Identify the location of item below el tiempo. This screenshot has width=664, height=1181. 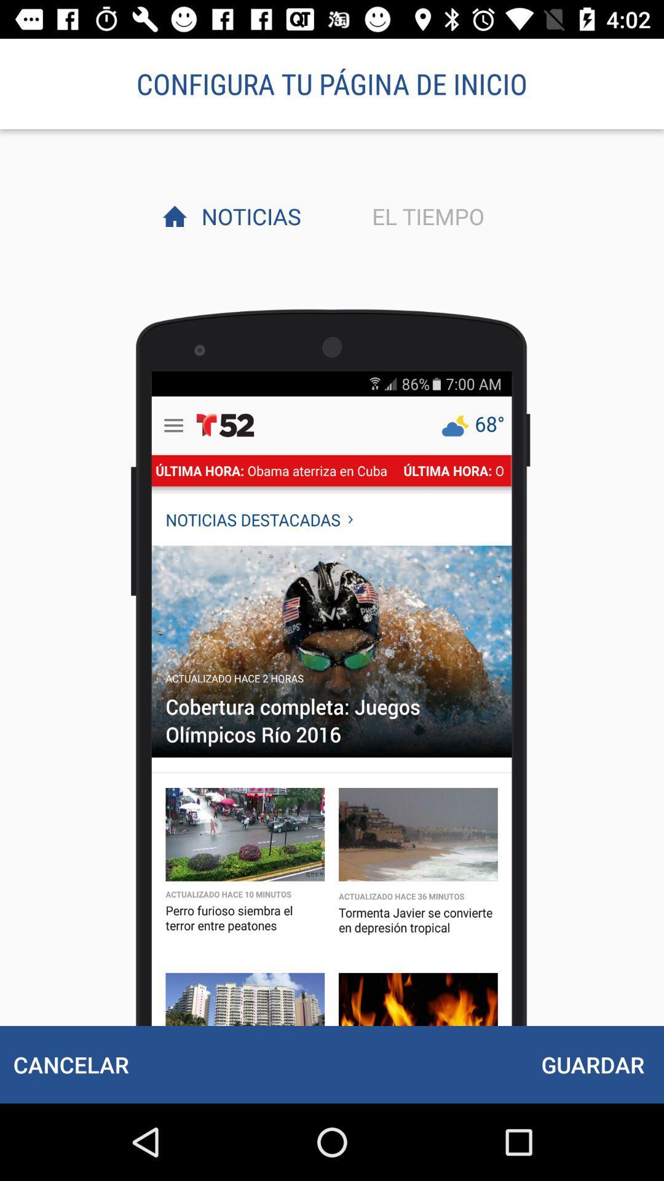
(592, 1064).